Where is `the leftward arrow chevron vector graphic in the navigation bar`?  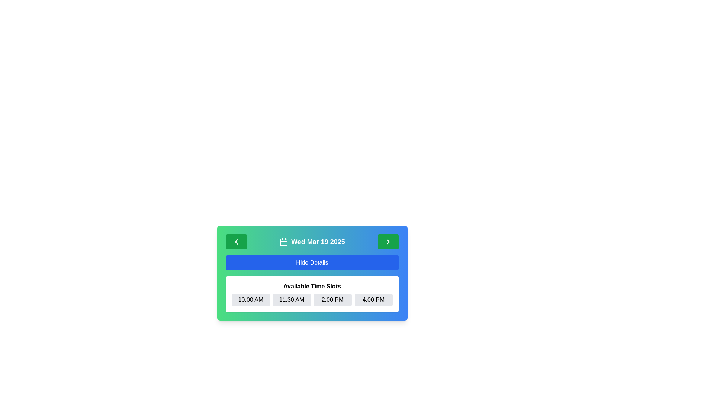 the leftward arrow chevron vector graphic in the navigation bar is located at coordinates (236, 242).